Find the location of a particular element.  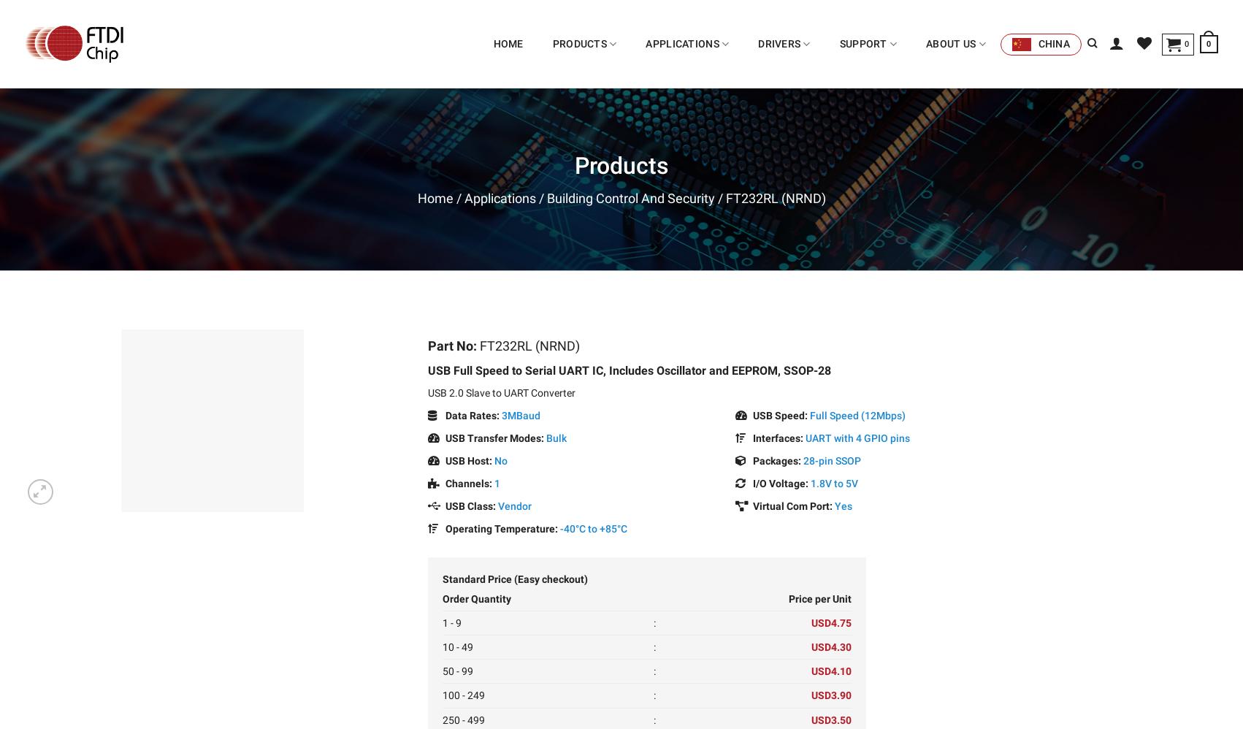

'3.50' is located at coordinates (841, 719).